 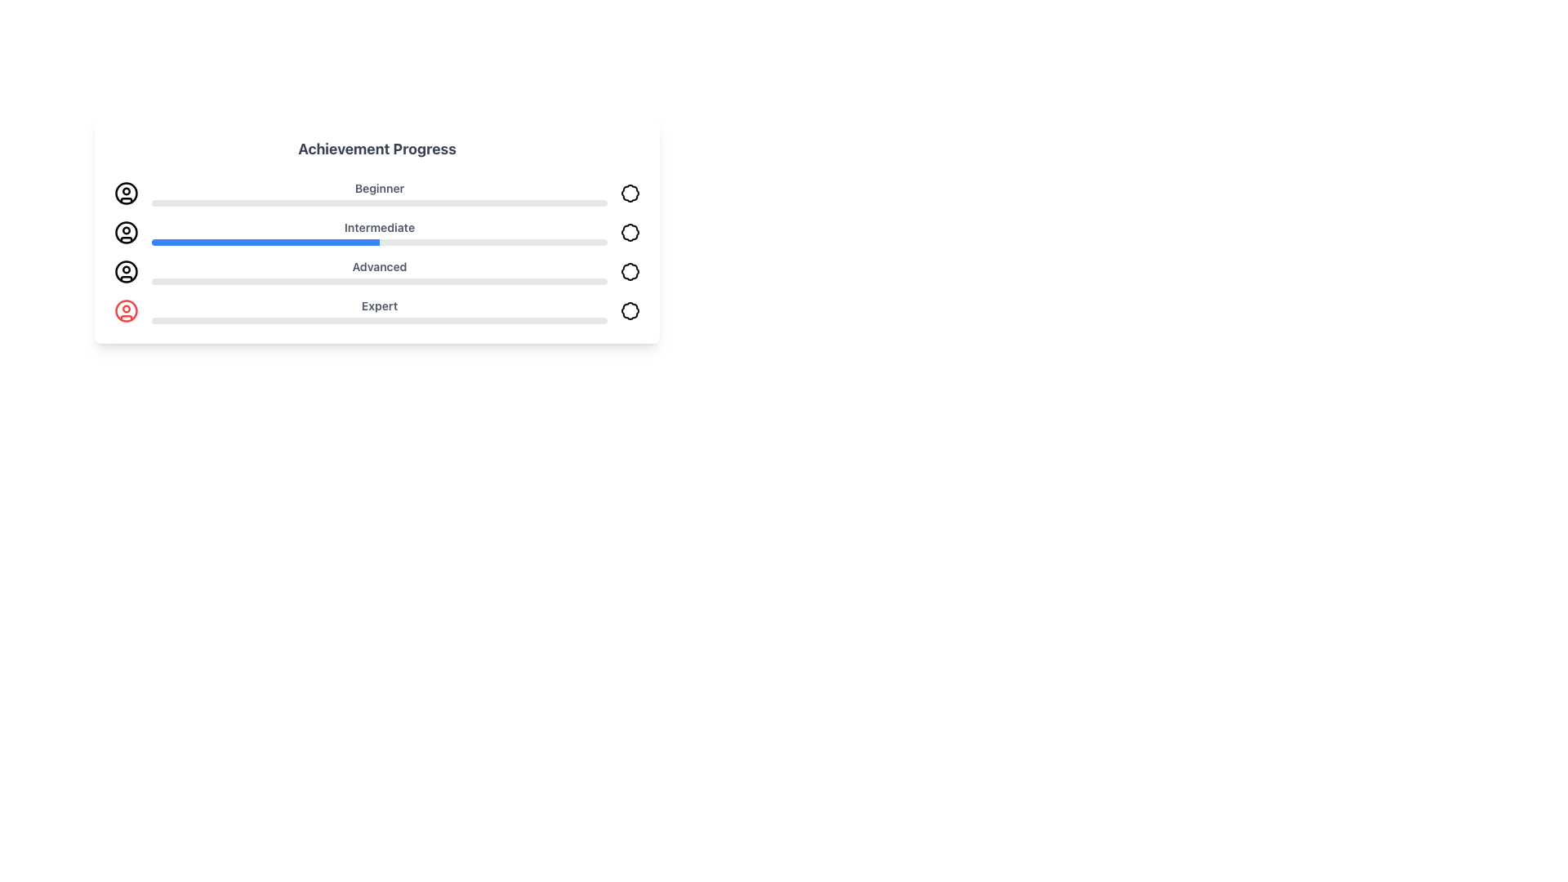 What do you see at coordinates (379, 280) in the screenshot?
I see `the progress bar representing the 'Advanced' achievement tier, which is the third in a vertical list of progress bars` at bounding box center [379, 280].